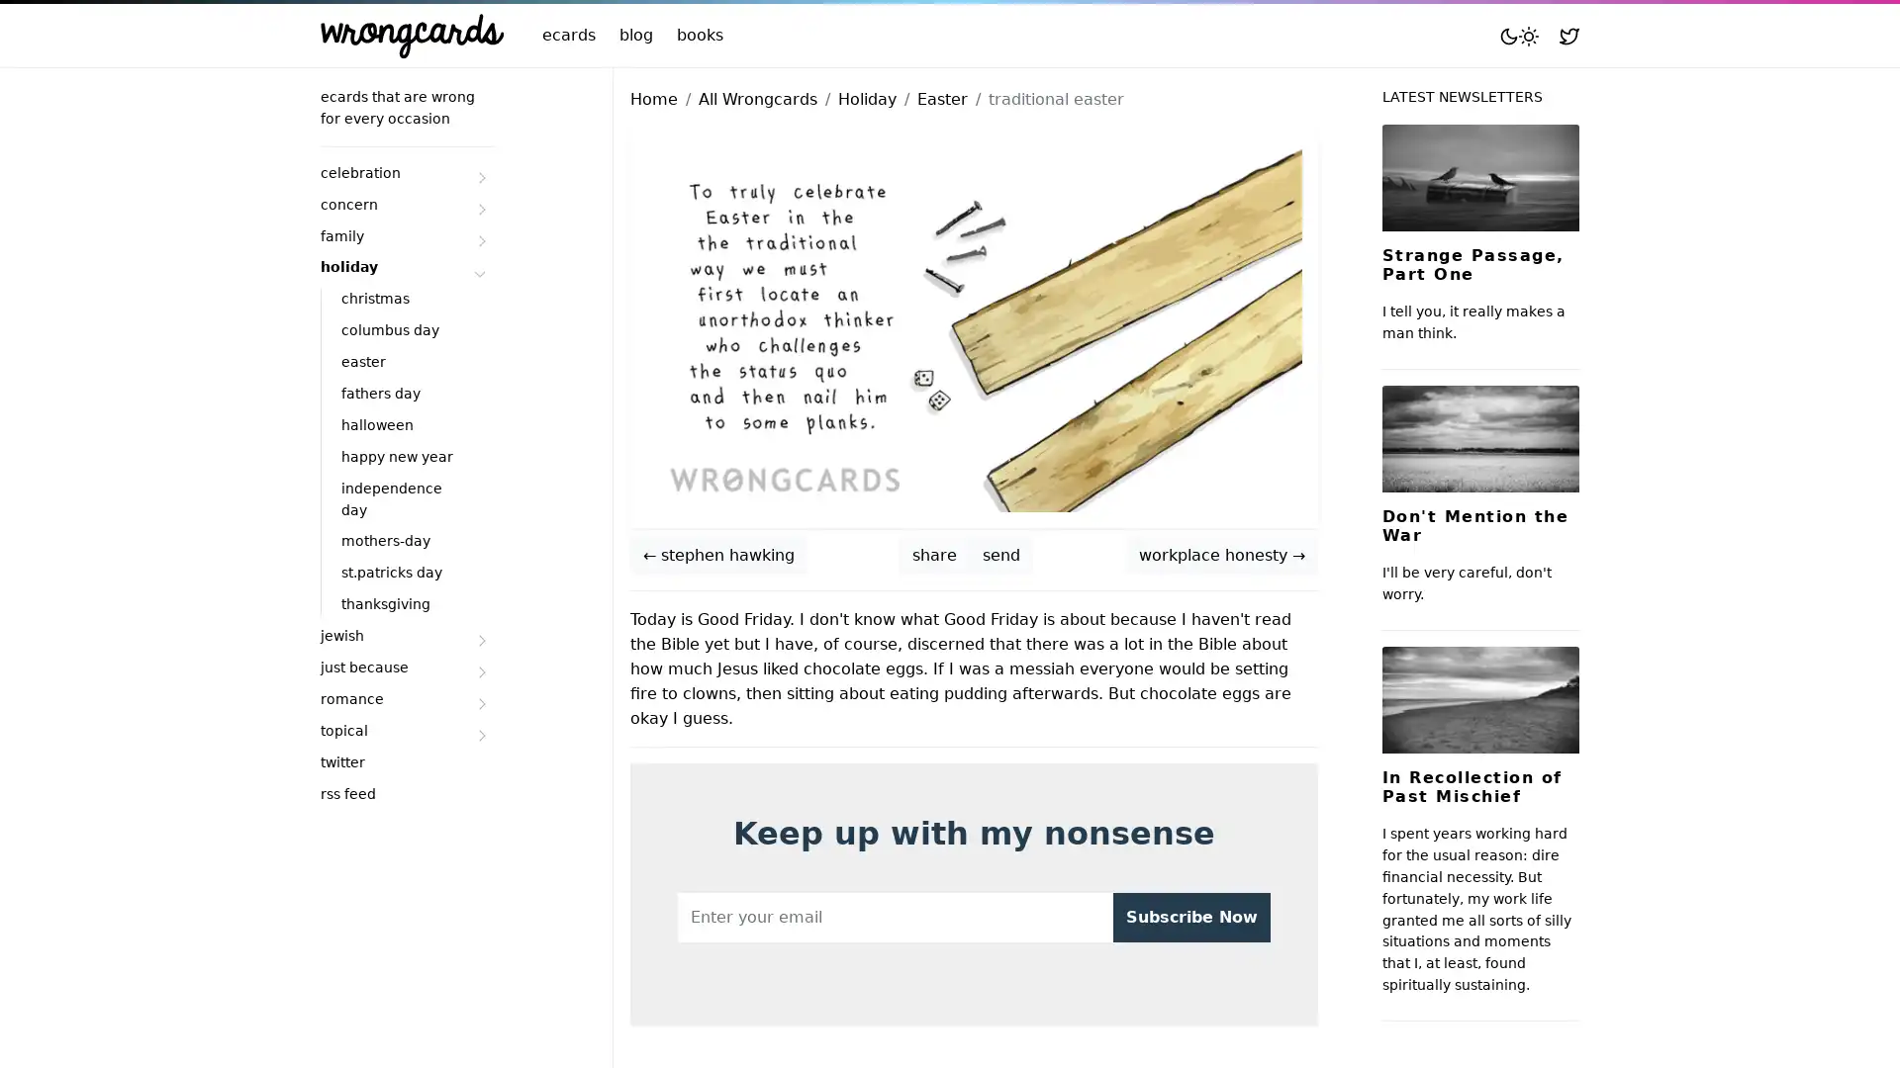  Describe the element at coordinates (1189, 916) in the screenshot. I see `Subscribe Now` at that location.